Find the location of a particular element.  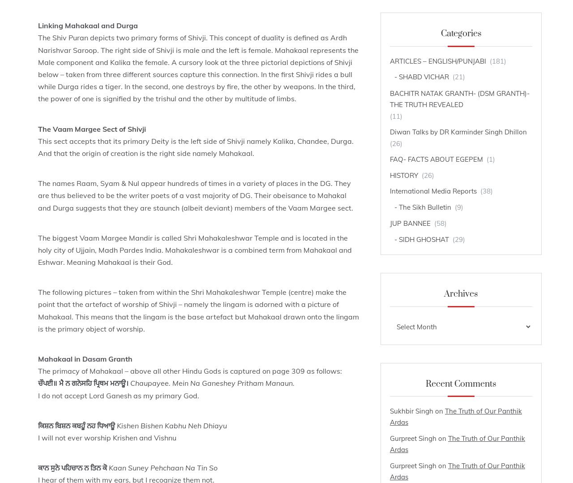

'Sukhbir Singh' is located at coordinates (411, 410).